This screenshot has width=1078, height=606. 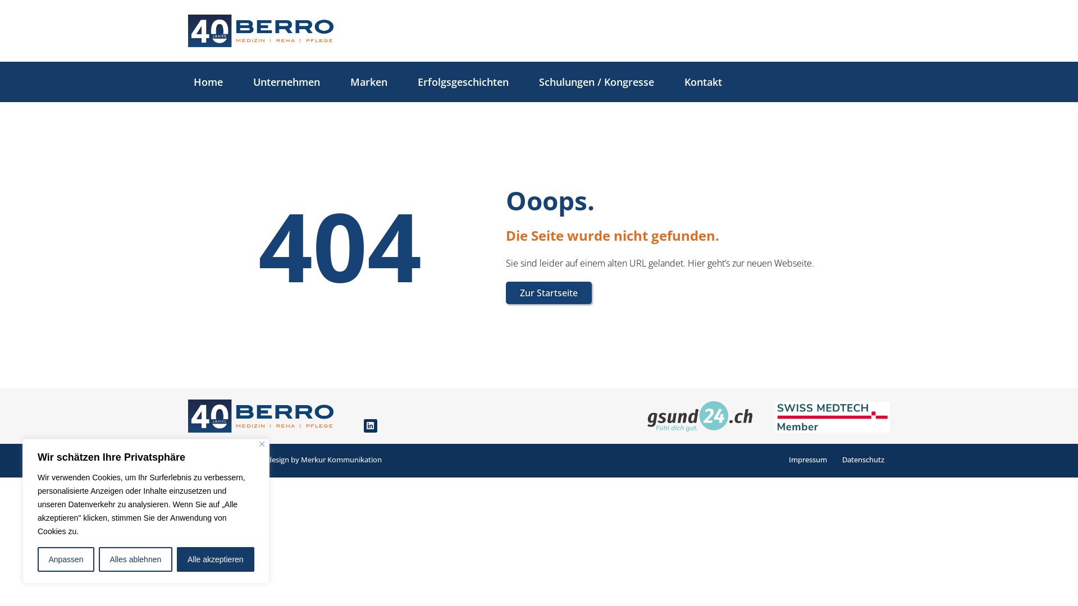 I want to click on 'Kontakt', so click(x=702, y=81).